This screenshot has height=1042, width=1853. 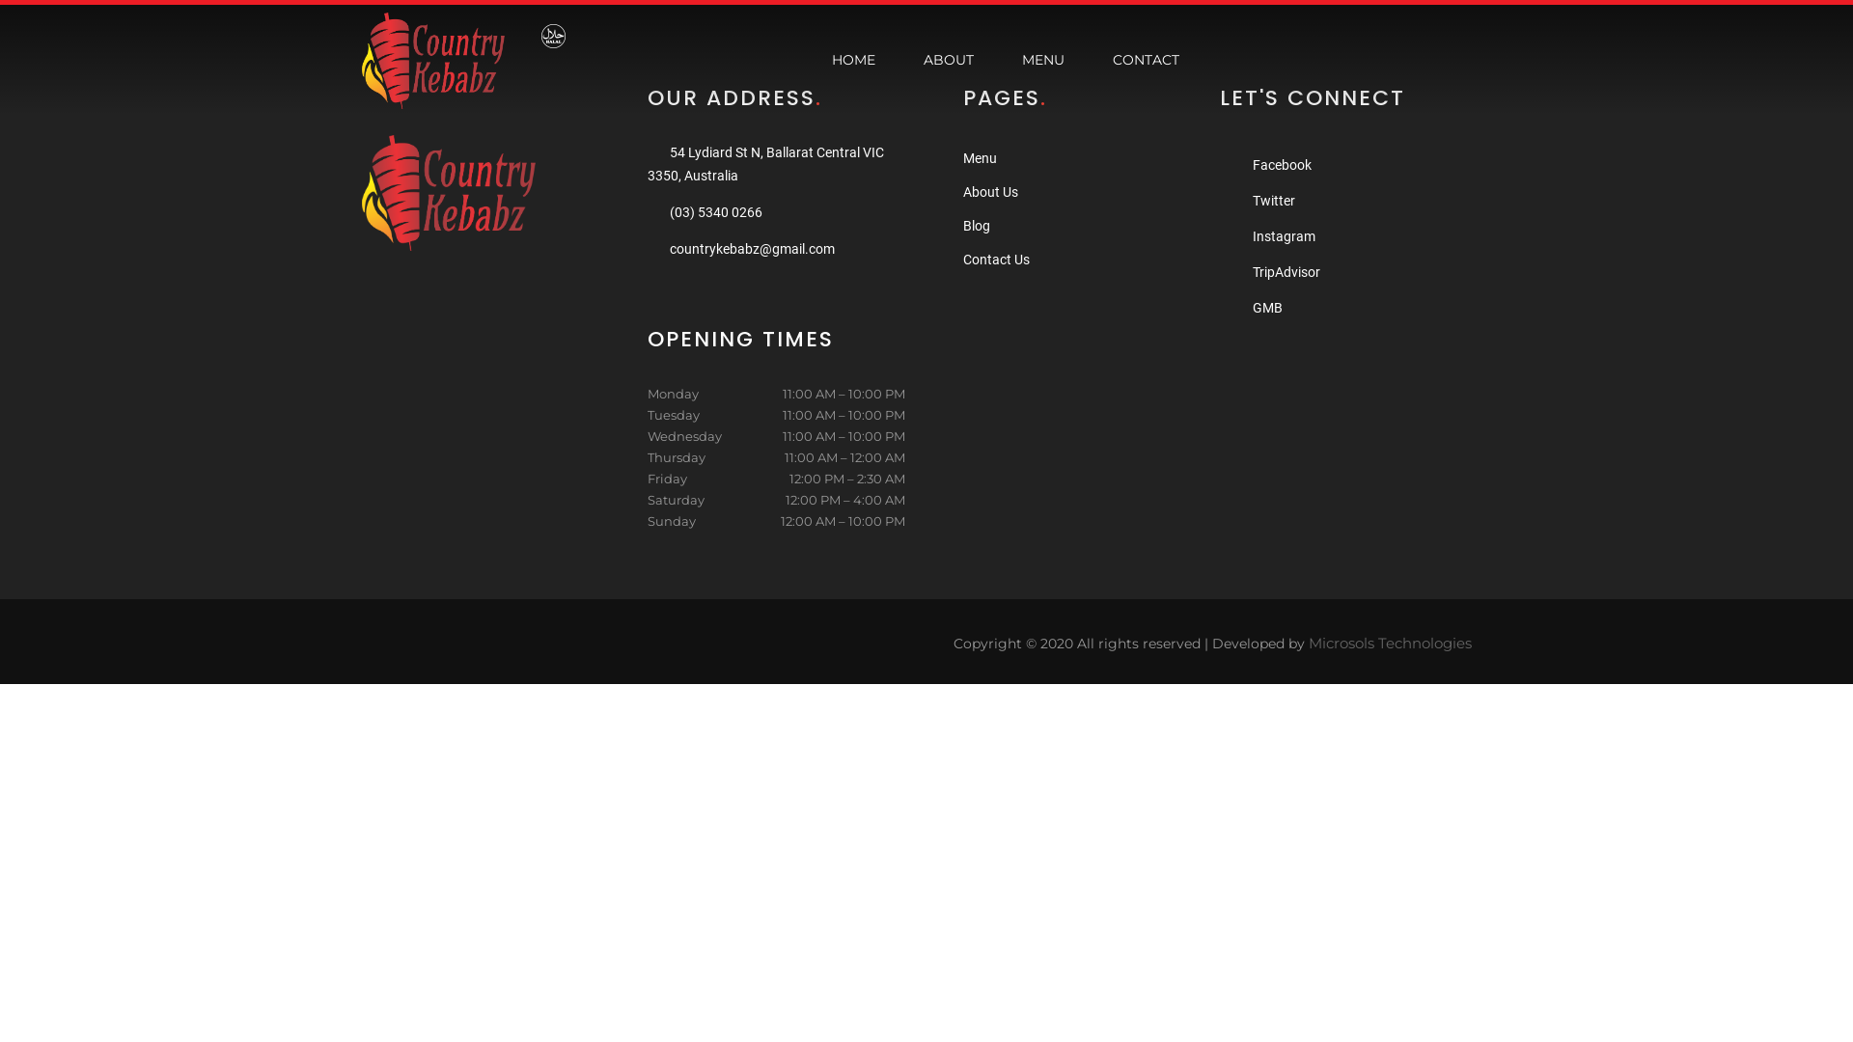 I want to click on 'GMB', so click(x=1267, y=307).